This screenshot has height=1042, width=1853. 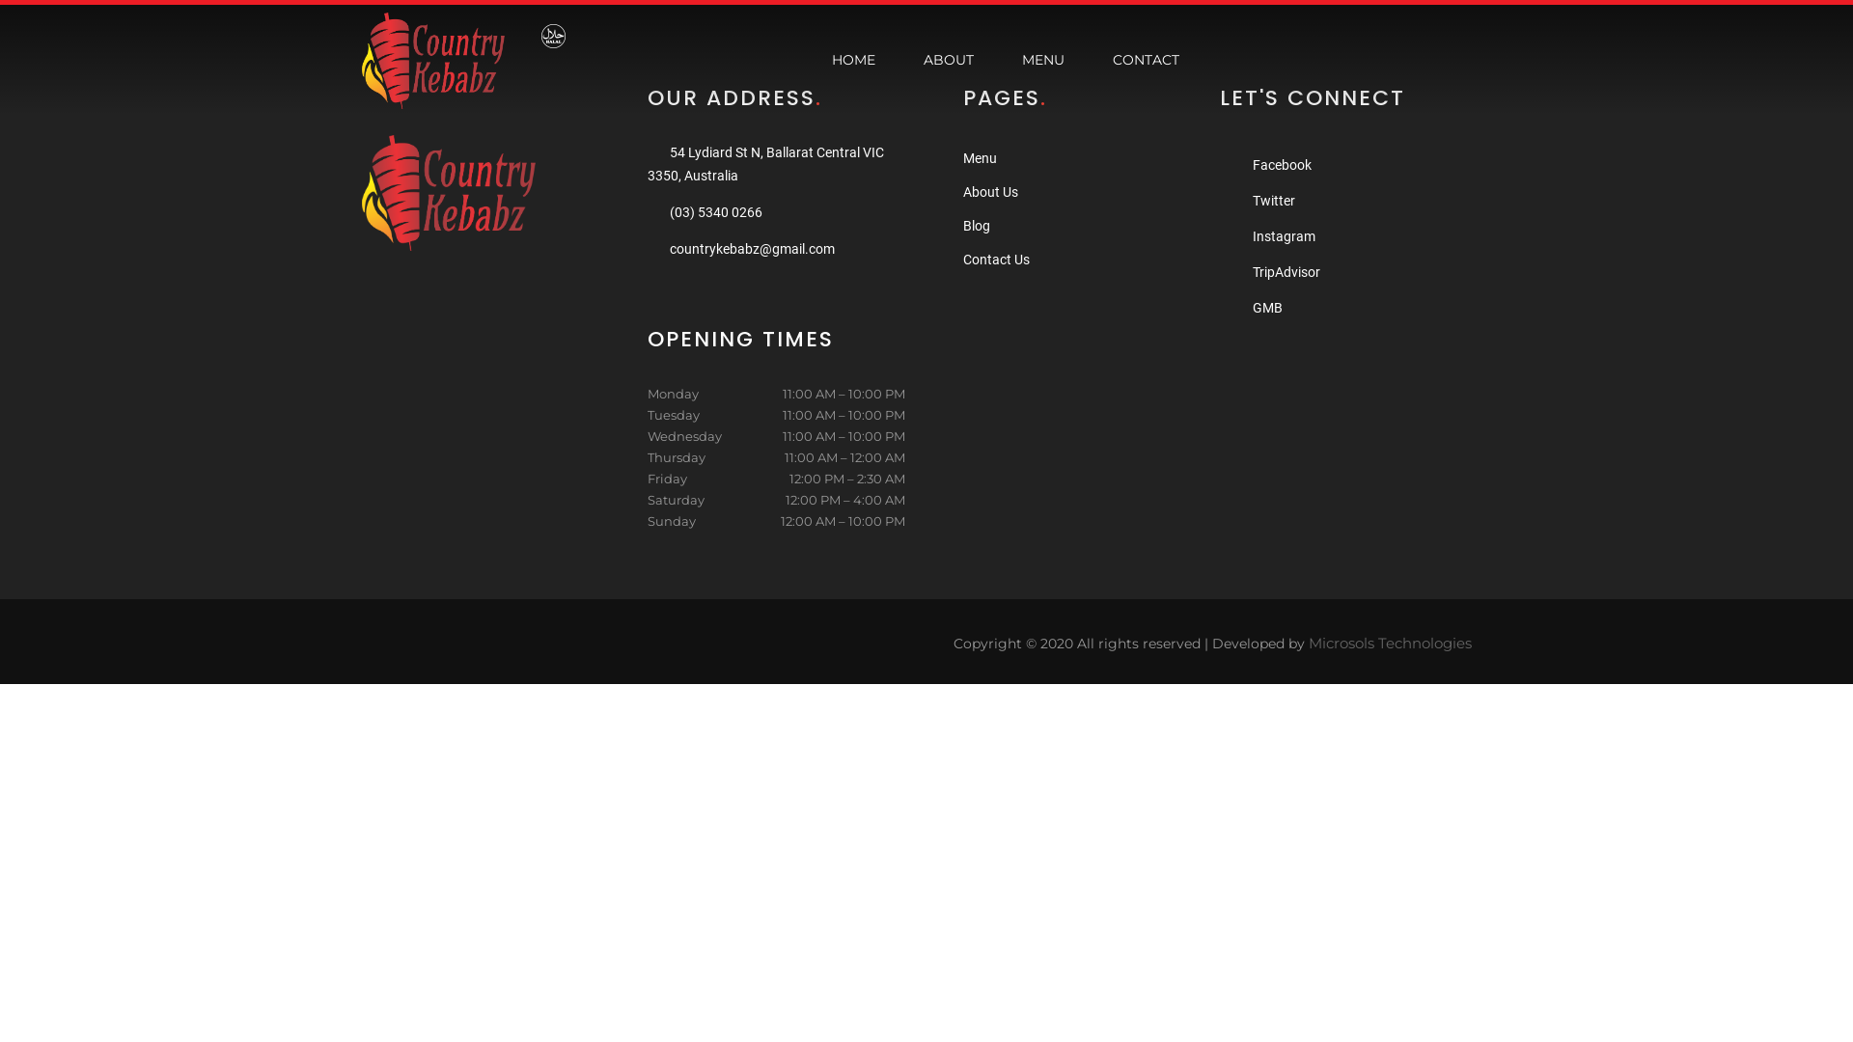 I want to click on 'GMB', so click(x=1267, y=307).